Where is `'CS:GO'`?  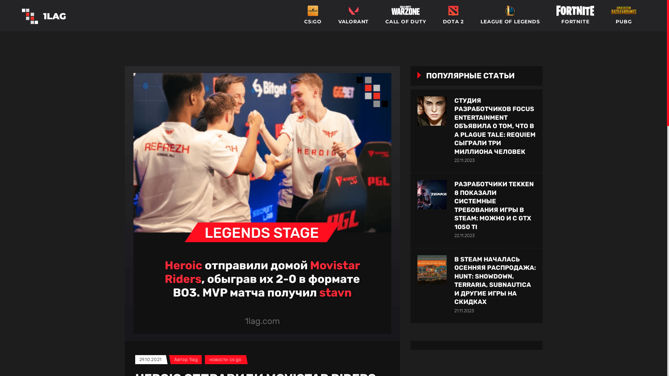
'CS:GO' is located at coordinates (312, 16).